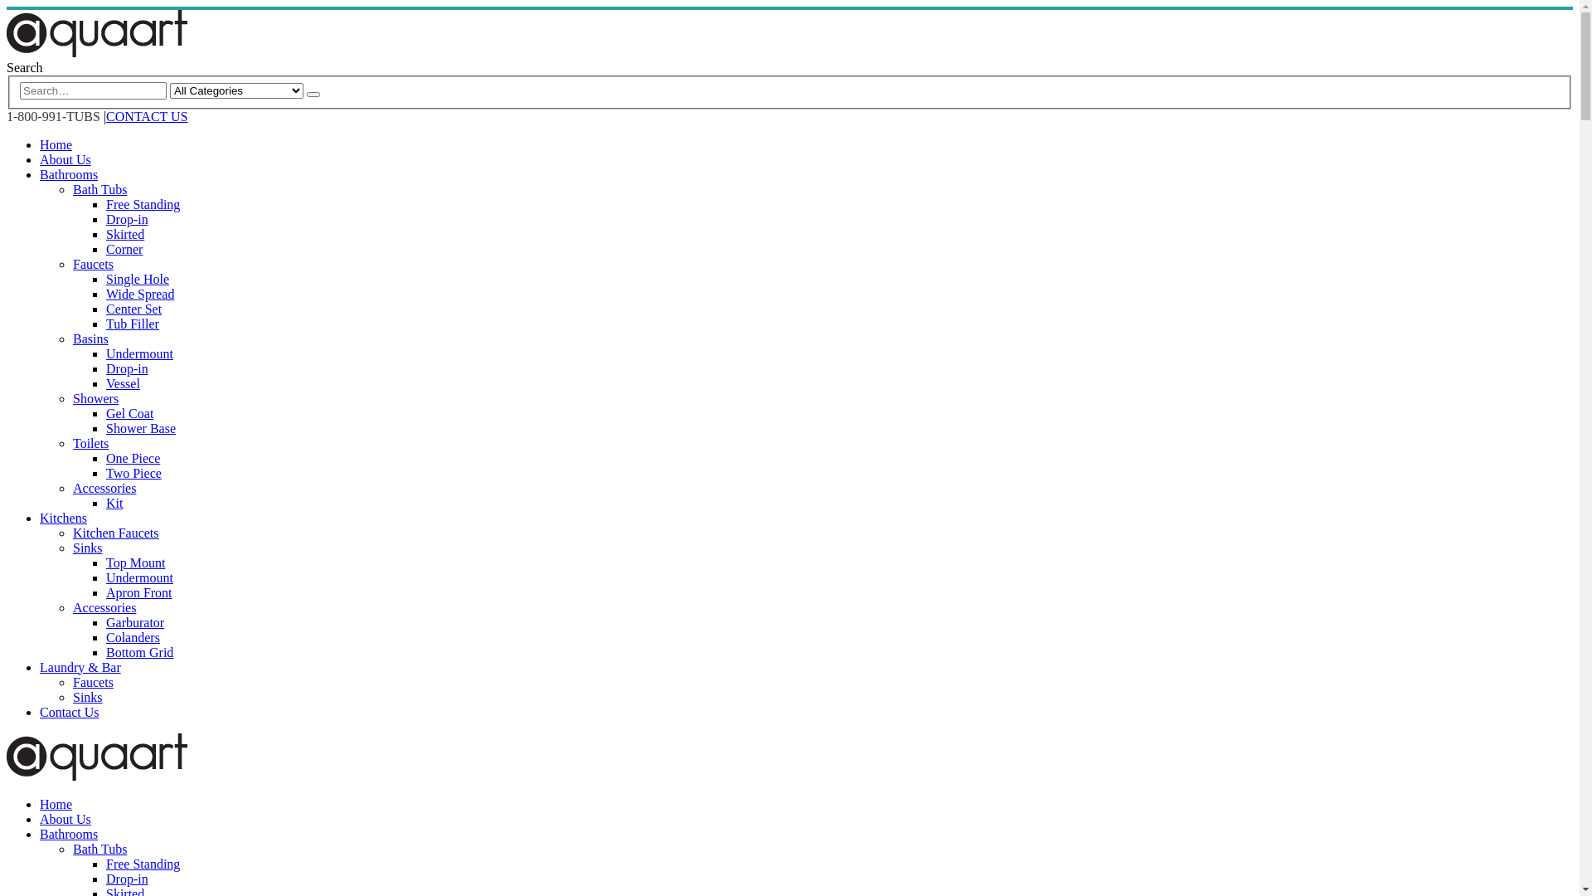 The image size is (1592, 896). What do you see at coordinates (139, 353) in the screenshot?
I see `'Undermount'` at bounding box center [139, 353].